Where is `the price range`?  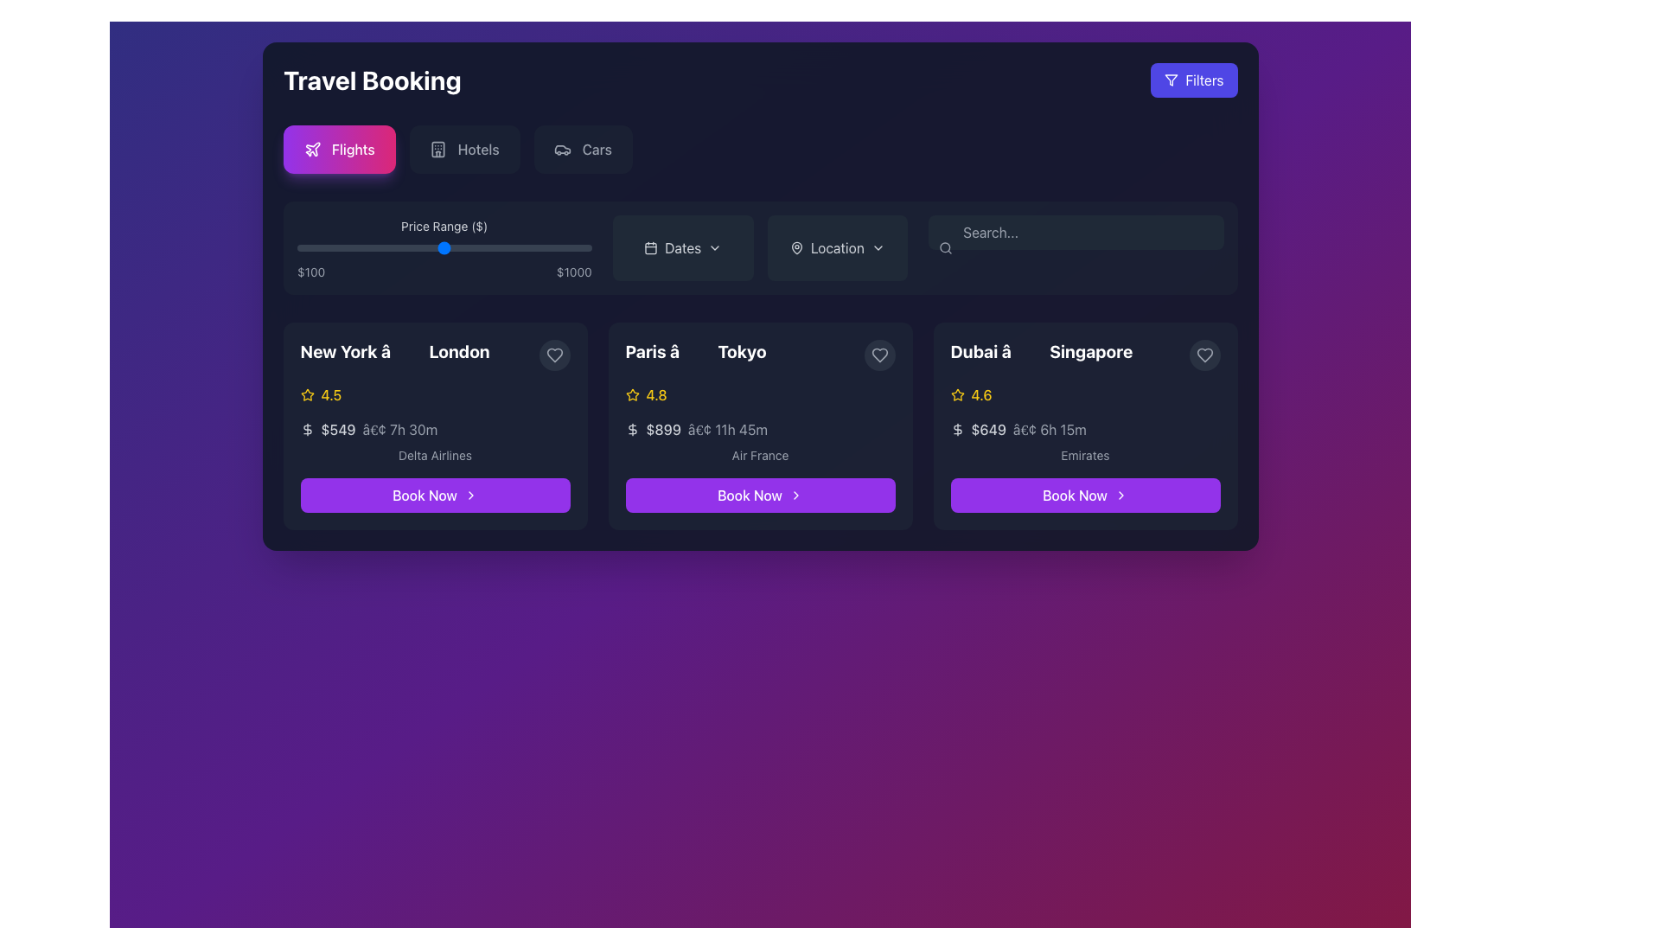 the price range is located at coordinates (405, 247).